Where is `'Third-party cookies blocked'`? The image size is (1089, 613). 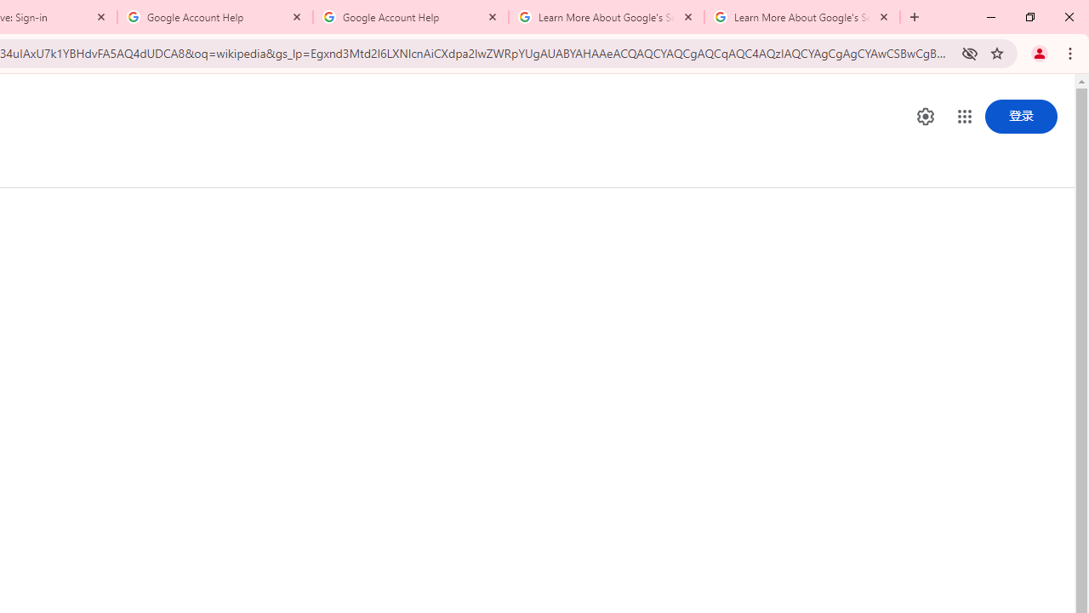 'Third-party cookies blocked' is located at coordinates (969, 52).